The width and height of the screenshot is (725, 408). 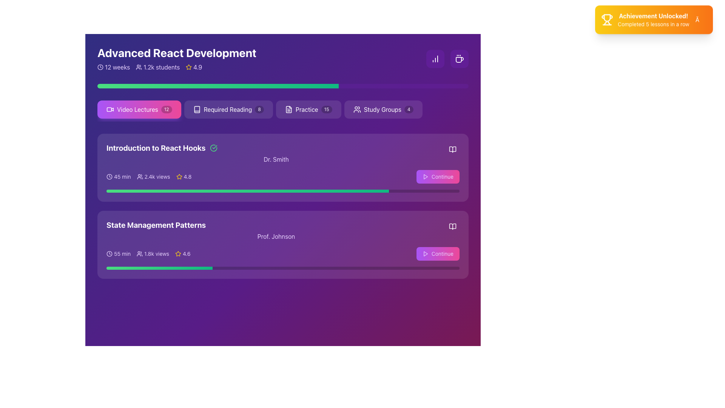 What do you see at coordinates (228, 109) in the screenshot?
I see `the 'Required Reading' button` at bounding box center [228, 109].